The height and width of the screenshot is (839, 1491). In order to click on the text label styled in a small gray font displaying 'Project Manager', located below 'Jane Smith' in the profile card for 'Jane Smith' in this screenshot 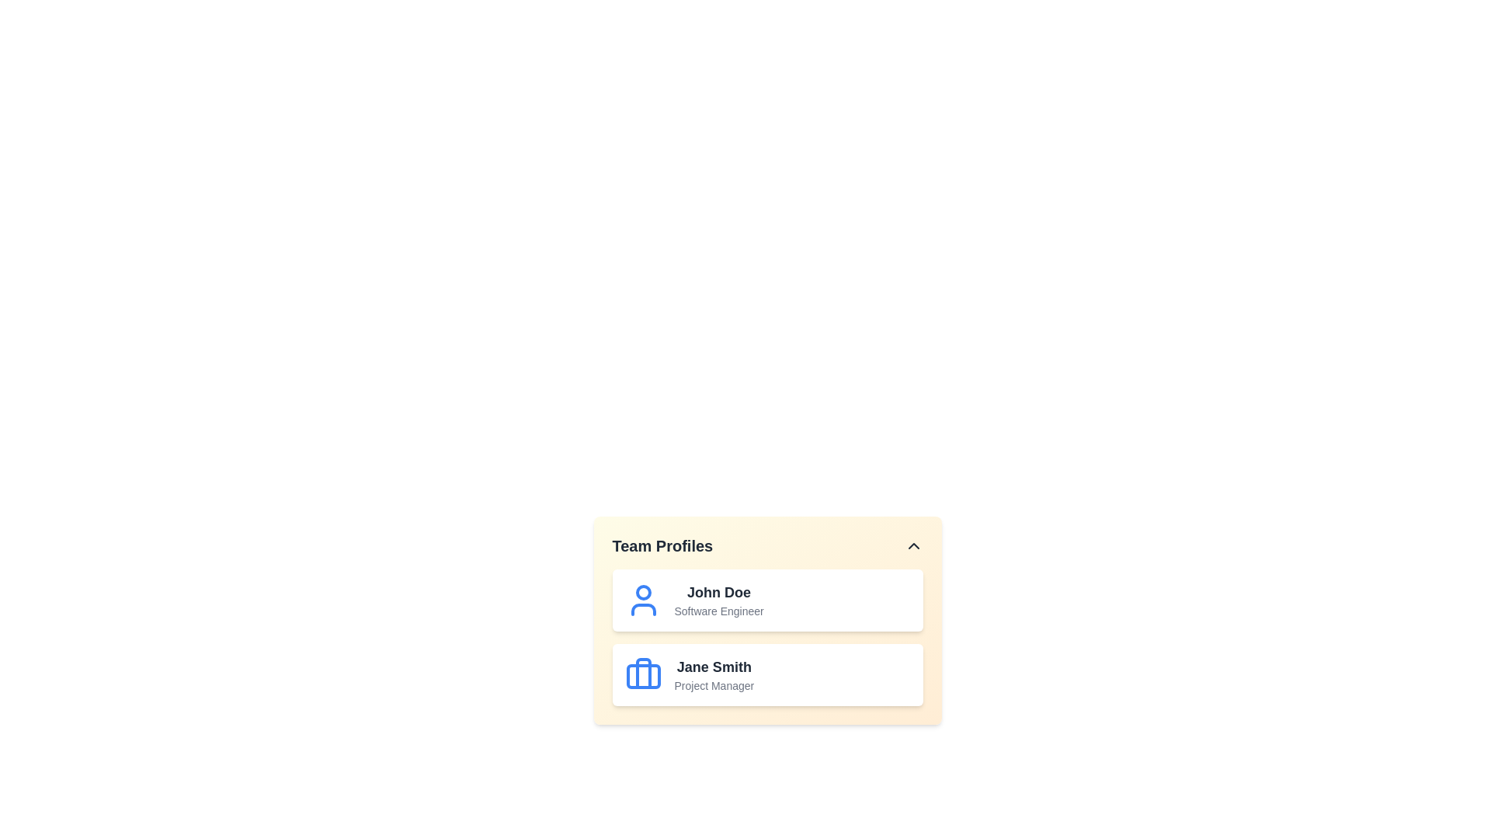, I will do `click(713, 685)`.